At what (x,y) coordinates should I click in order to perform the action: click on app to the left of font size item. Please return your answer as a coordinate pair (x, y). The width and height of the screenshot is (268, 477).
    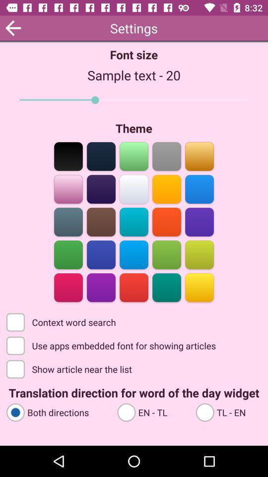
    Looking at the image, I should click on (12, 27).